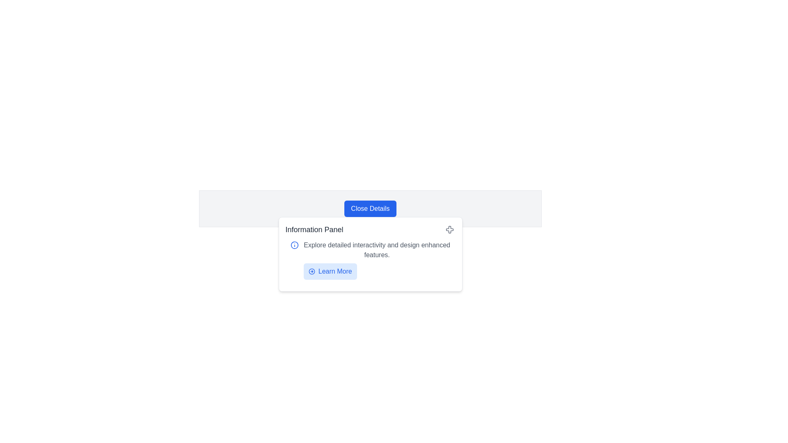 This screenshot has width=788, height=443. I want to click on the button located in the 'Information Panel' card, positioned below the text 'Explore detailed interactivity and design enhanced features', to observe visual feedback, so click(330, 272).